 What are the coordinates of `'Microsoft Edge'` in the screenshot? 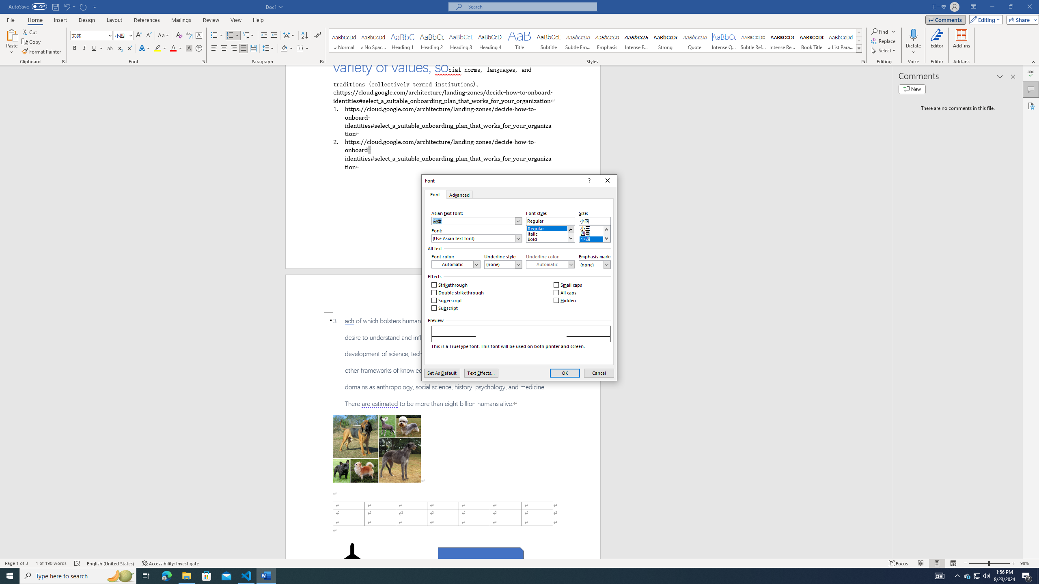 It's located at (166, 575).